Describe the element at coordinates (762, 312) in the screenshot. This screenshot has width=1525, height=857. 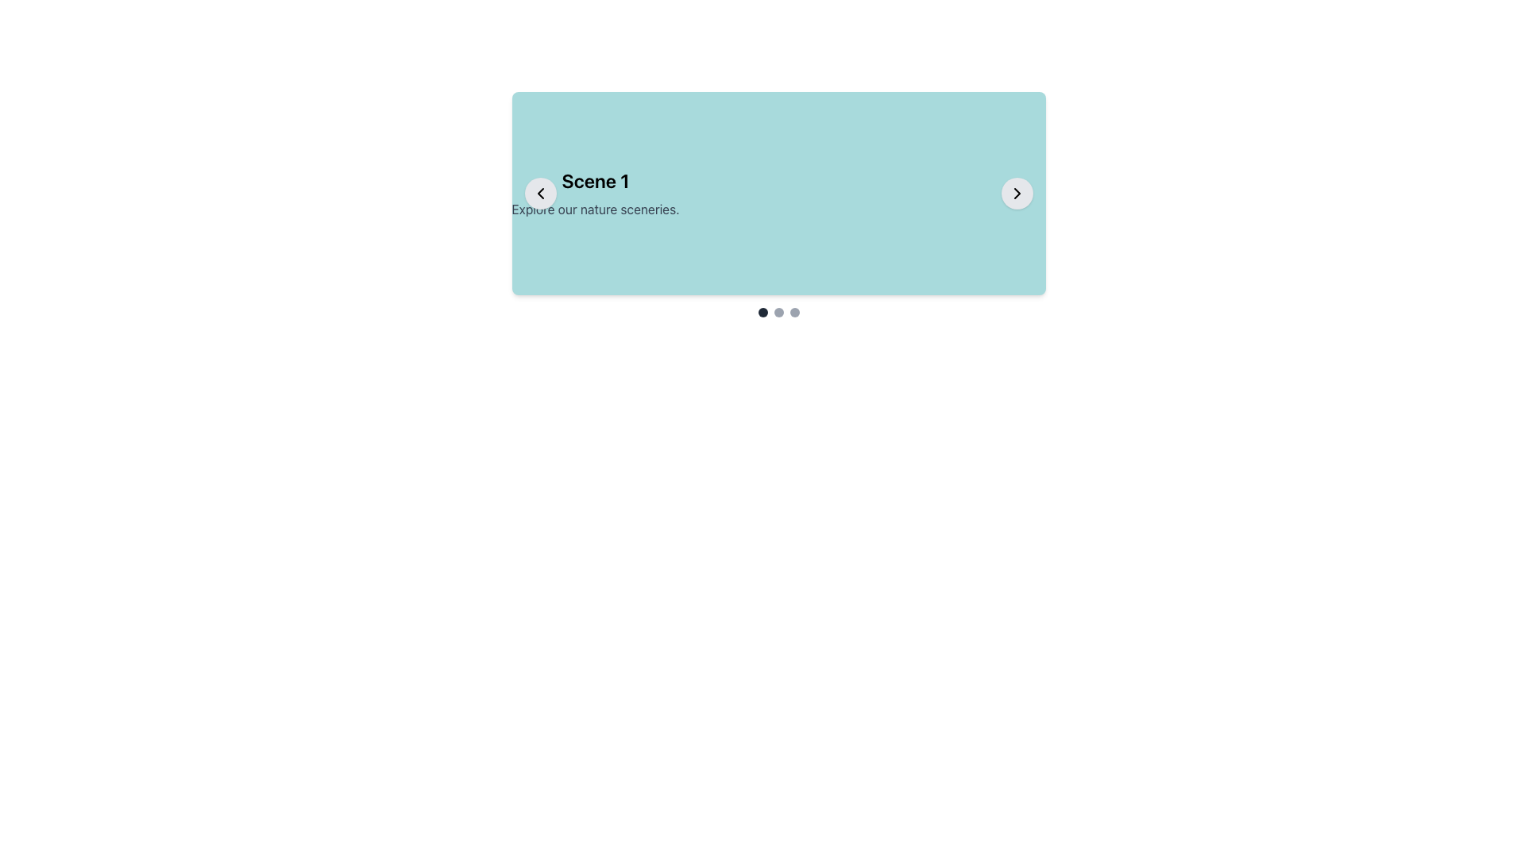
I see `the active dark gray Indicator Dot at the bottom center of the interface` at that location.